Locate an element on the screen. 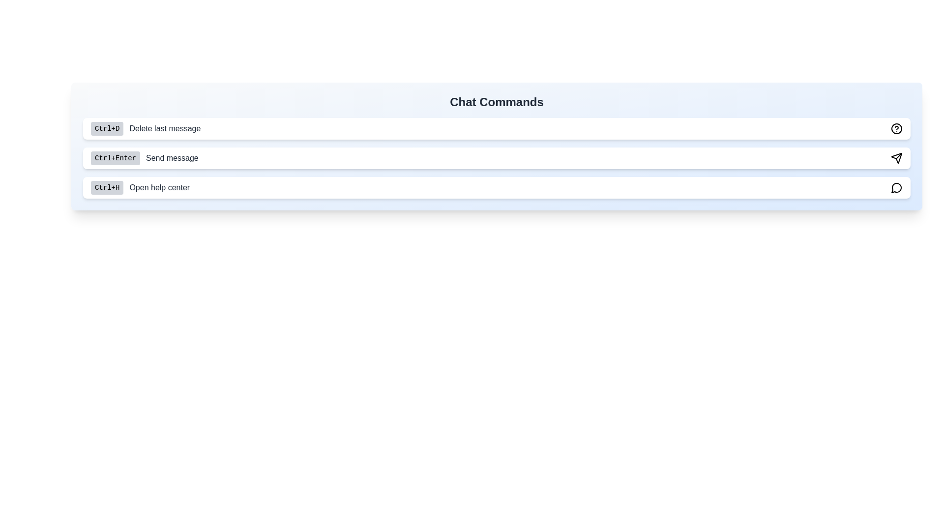 The width and height of the screenshot is (944, 531). the prominent text header labeled 'Chat Commands', which is bold and extra-large in dark gray color, positioned at the top of a section with a gradient background is located at coordinates (497, 102).